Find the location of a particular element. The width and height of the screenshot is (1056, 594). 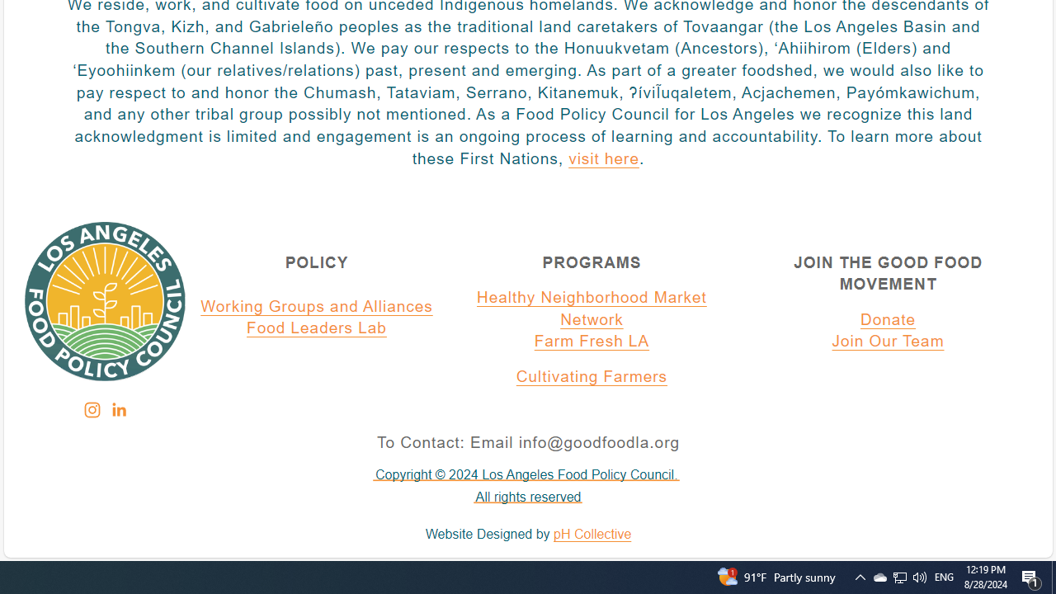

'visit here' is located at coordinates (602, 159).